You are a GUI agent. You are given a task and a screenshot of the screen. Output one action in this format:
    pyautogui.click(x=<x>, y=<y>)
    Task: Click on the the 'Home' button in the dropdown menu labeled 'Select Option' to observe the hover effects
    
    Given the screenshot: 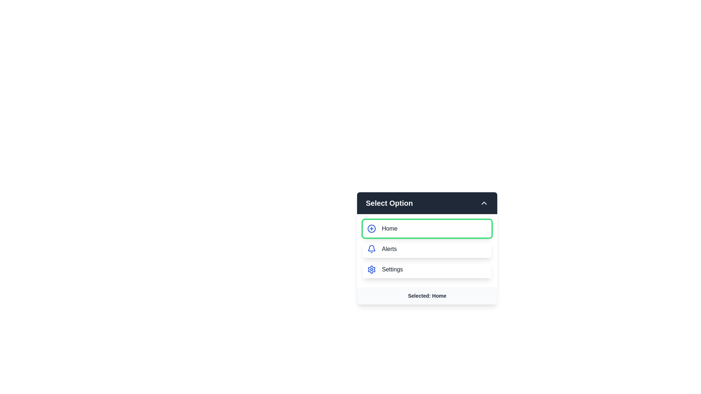 What is the action you would take?
    pyautogui.click(x=427, y=228)
    